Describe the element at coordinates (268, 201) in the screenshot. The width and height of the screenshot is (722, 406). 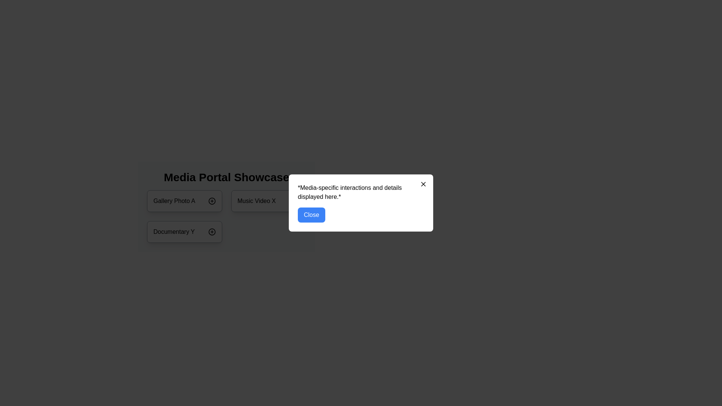
I see `the 'Music Video X' button` at that location.